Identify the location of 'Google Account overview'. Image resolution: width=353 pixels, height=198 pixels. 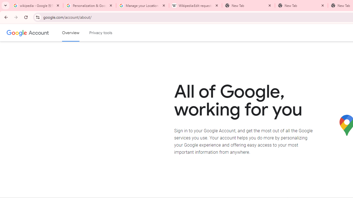
(70, 33).